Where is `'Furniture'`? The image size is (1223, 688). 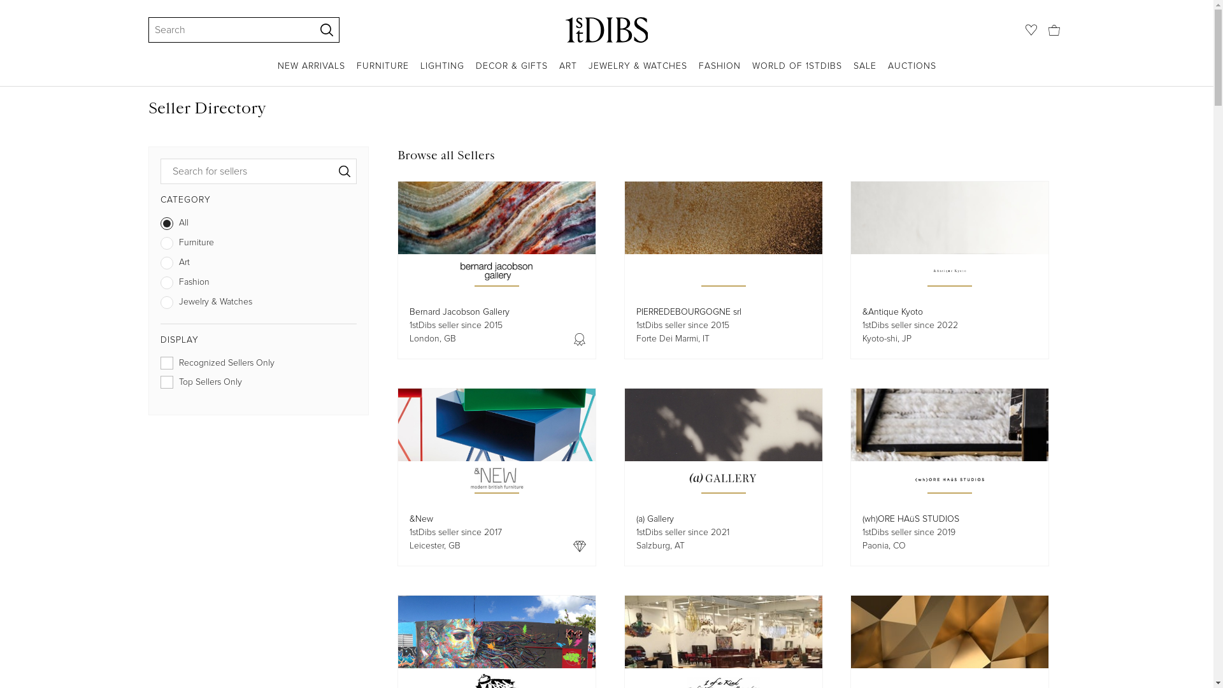
'Furniture' is located at coordinates (258, 245).